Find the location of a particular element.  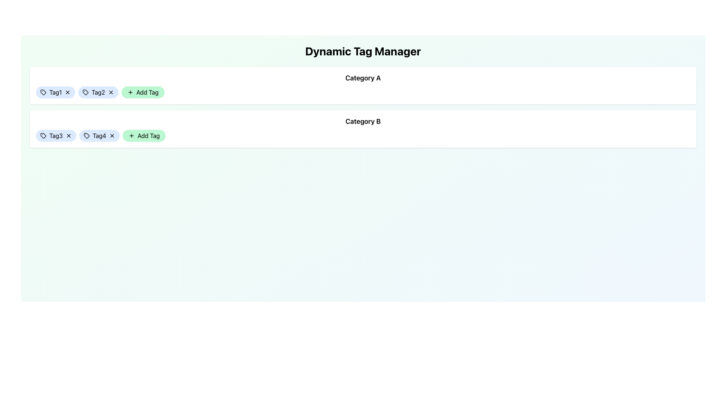

the blue tag icon located to the left of the 'Tag3' label, which is styled in a minimalistic outline design is located at coordinates (43, 135).